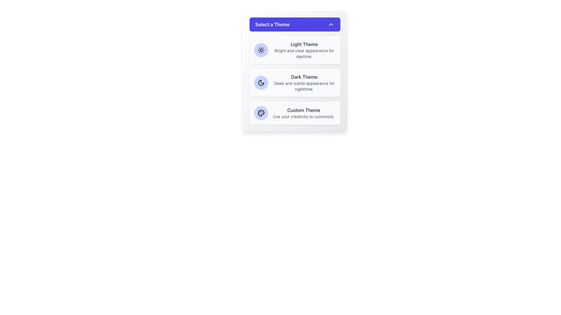 The height and width of the screenshot is (315, 561). I want to click on descriptive label for the 'Dark Theme' option located within the card-style button in the theme choices list, positioned between 'Light Theme' and 'Custom Theme', so click(304, 83).